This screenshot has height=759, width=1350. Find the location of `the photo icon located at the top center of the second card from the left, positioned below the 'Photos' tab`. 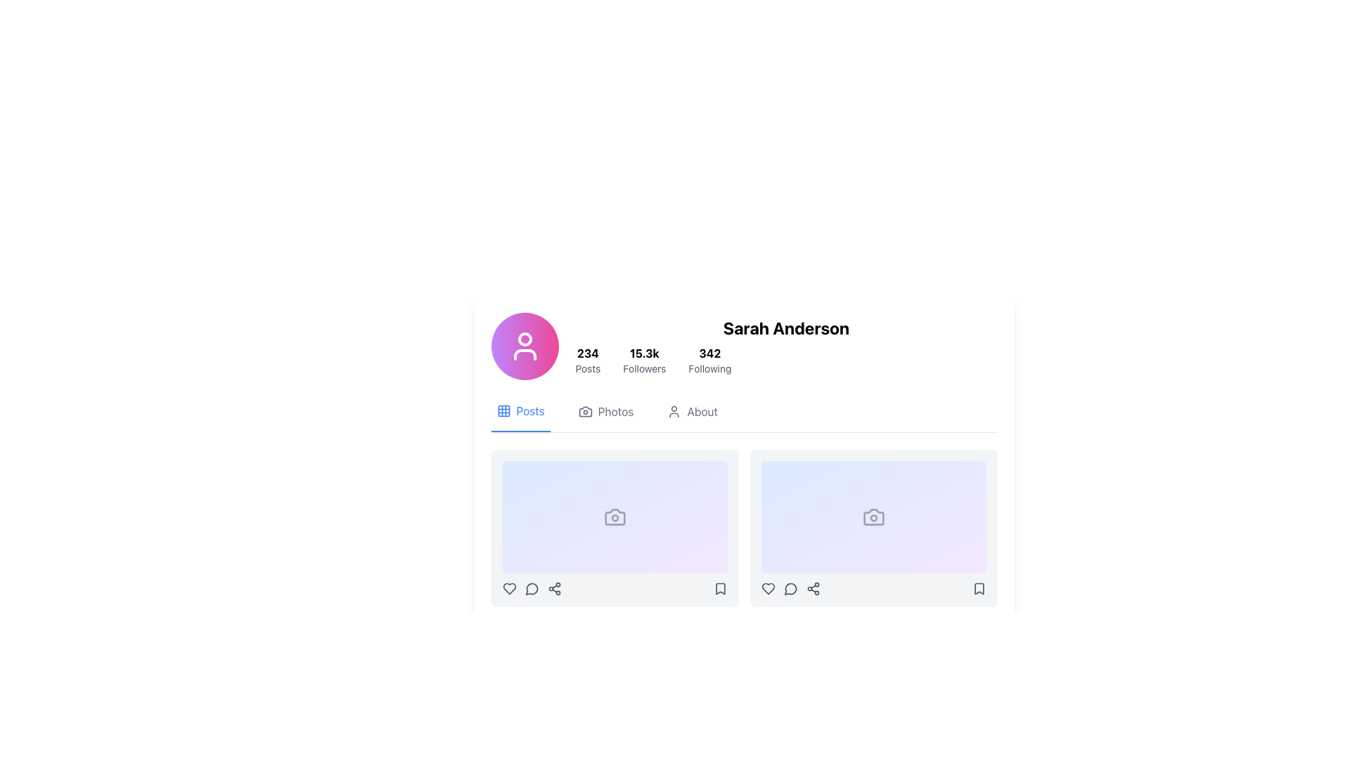

the photo icon located at the top center of the second card from the left, positioned below the 'Photos' tab is located at coordinates (873, 517).